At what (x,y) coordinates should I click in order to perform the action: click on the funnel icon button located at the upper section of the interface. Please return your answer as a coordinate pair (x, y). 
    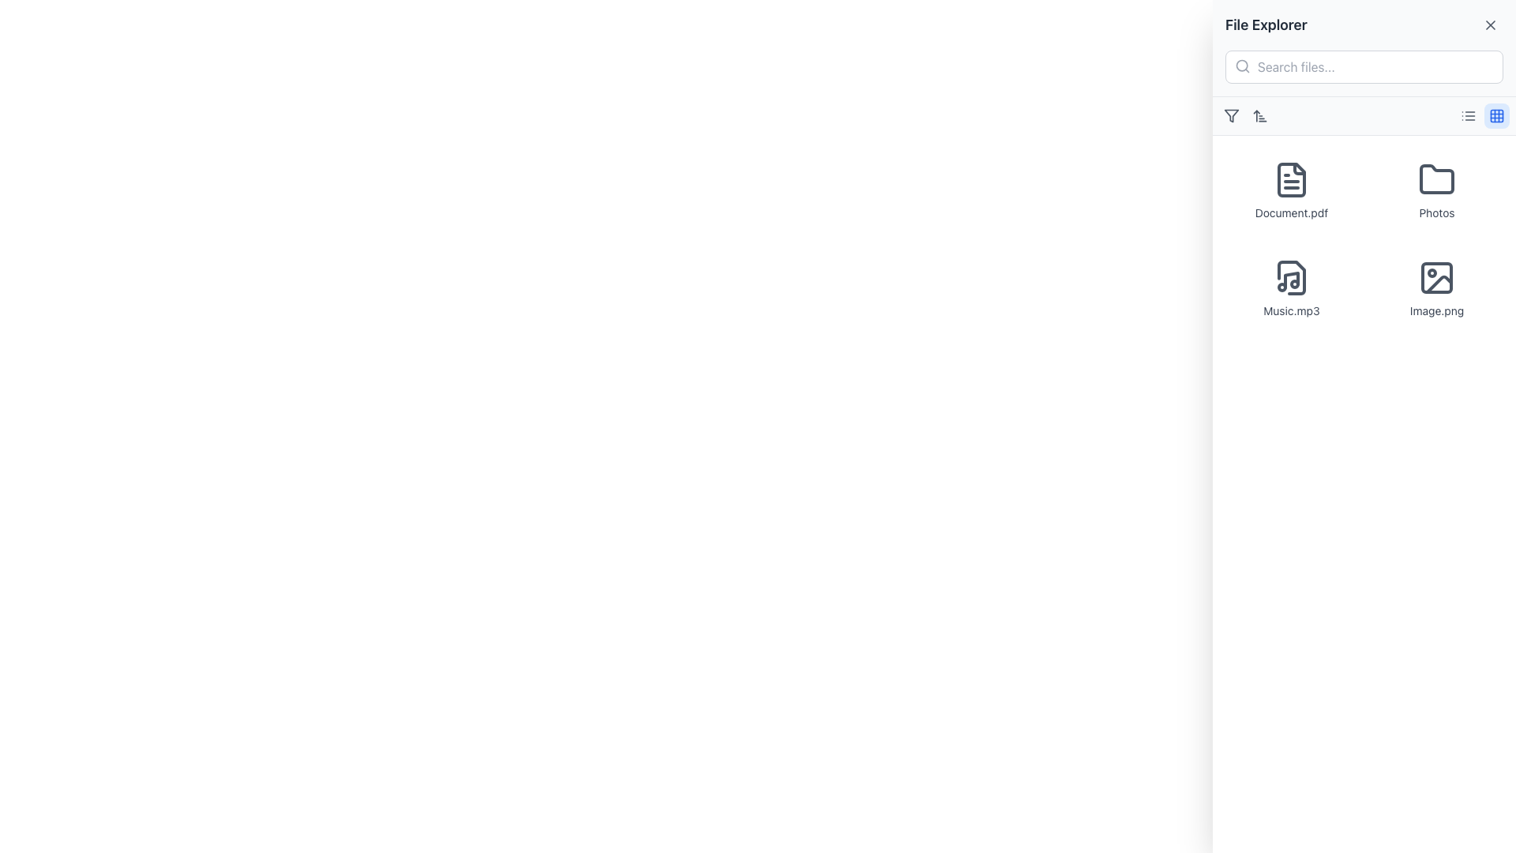
    Looking at the image, I should click on (1231, 115).